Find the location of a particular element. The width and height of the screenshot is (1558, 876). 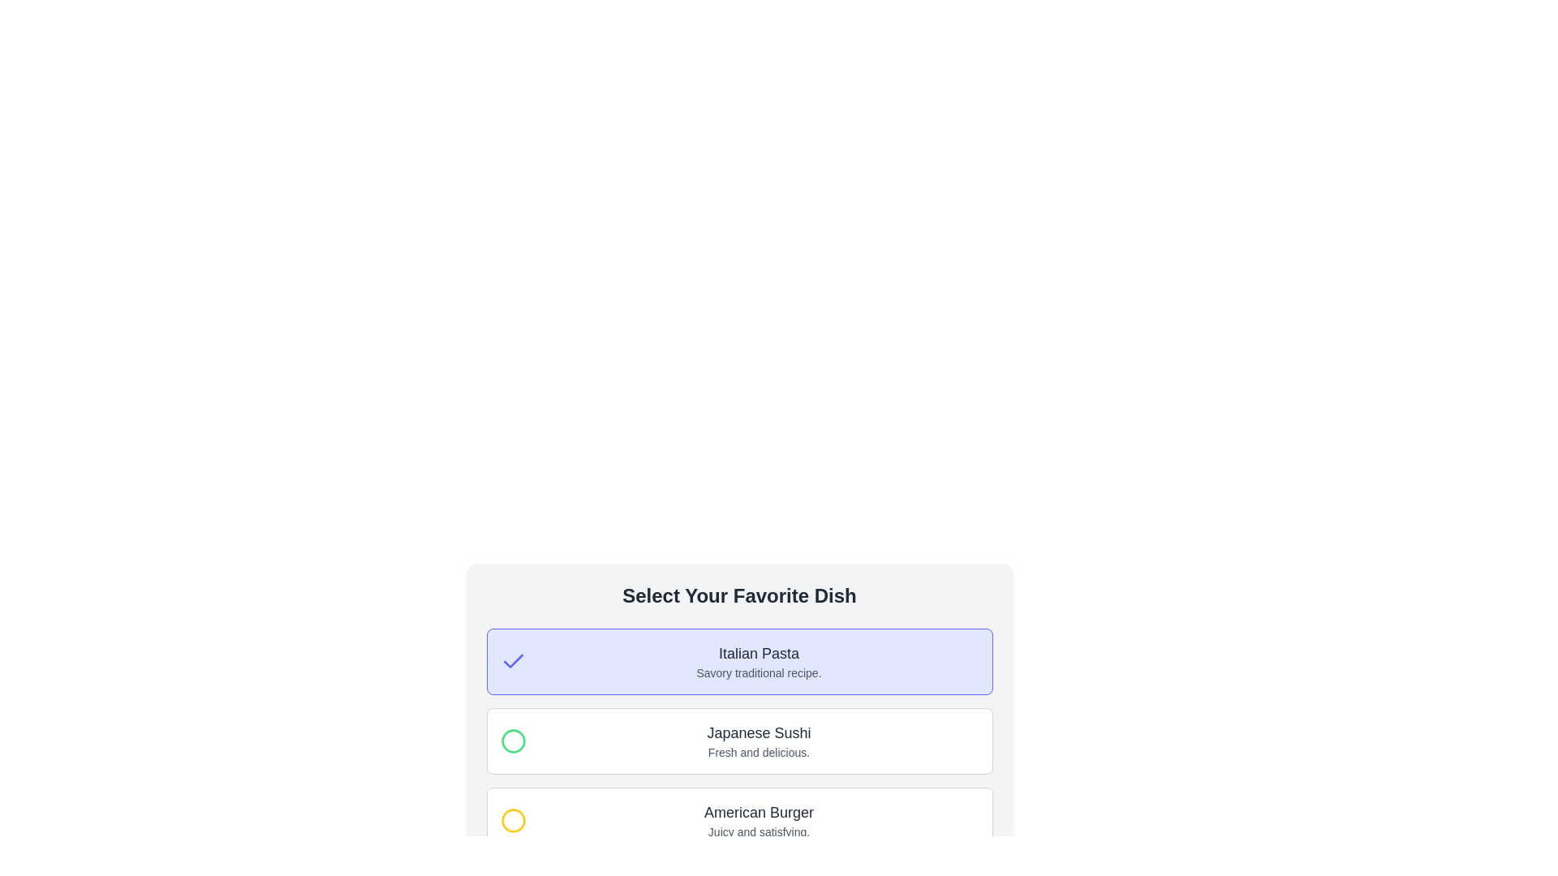

the selectable option for 'American Burger' located in the vertical list under 'Select Your Favorite Dish' is located at coordinates (738, 820).